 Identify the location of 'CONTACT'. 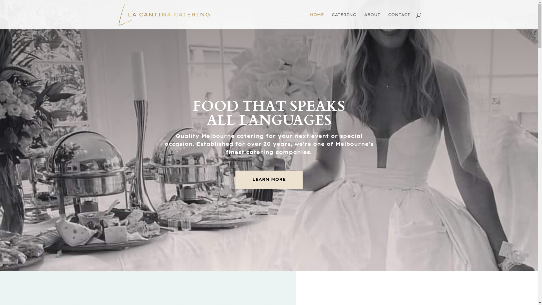
(398, 21).